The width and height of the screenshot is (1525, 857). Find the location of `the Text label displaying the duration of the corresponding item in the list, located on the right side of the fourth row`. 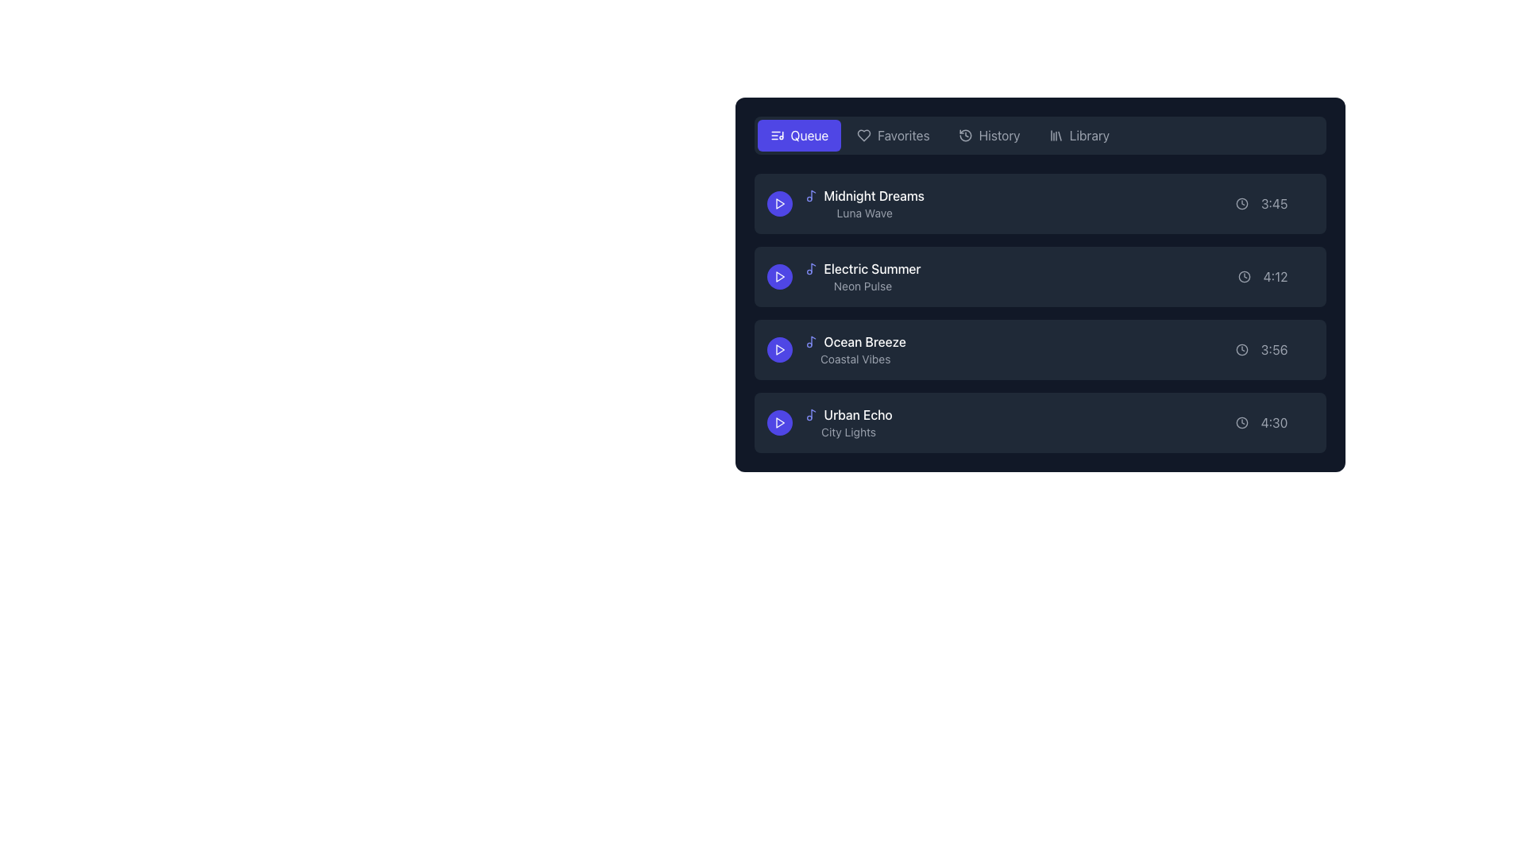

the Text label displaying the duration of the corresponding item in the list, located on the right side of the fourth row is located at coordinates (1274, 421).